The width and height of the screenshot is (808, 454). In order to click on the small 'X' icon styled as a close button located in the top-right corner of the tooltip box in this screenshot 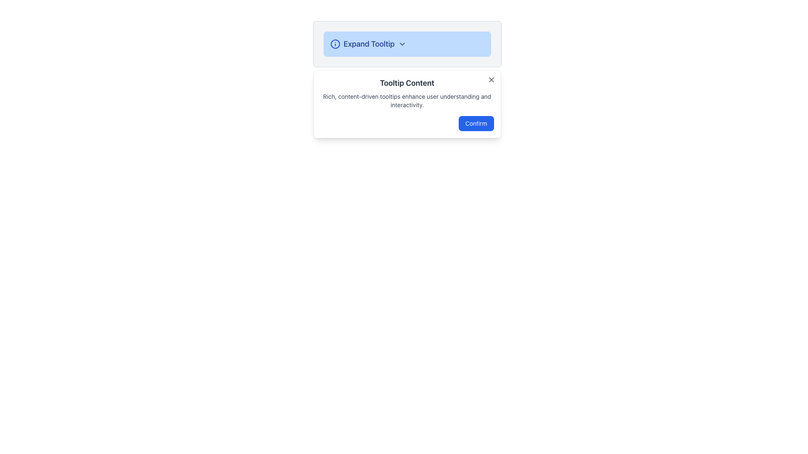, I will do `click(491, 79)`.